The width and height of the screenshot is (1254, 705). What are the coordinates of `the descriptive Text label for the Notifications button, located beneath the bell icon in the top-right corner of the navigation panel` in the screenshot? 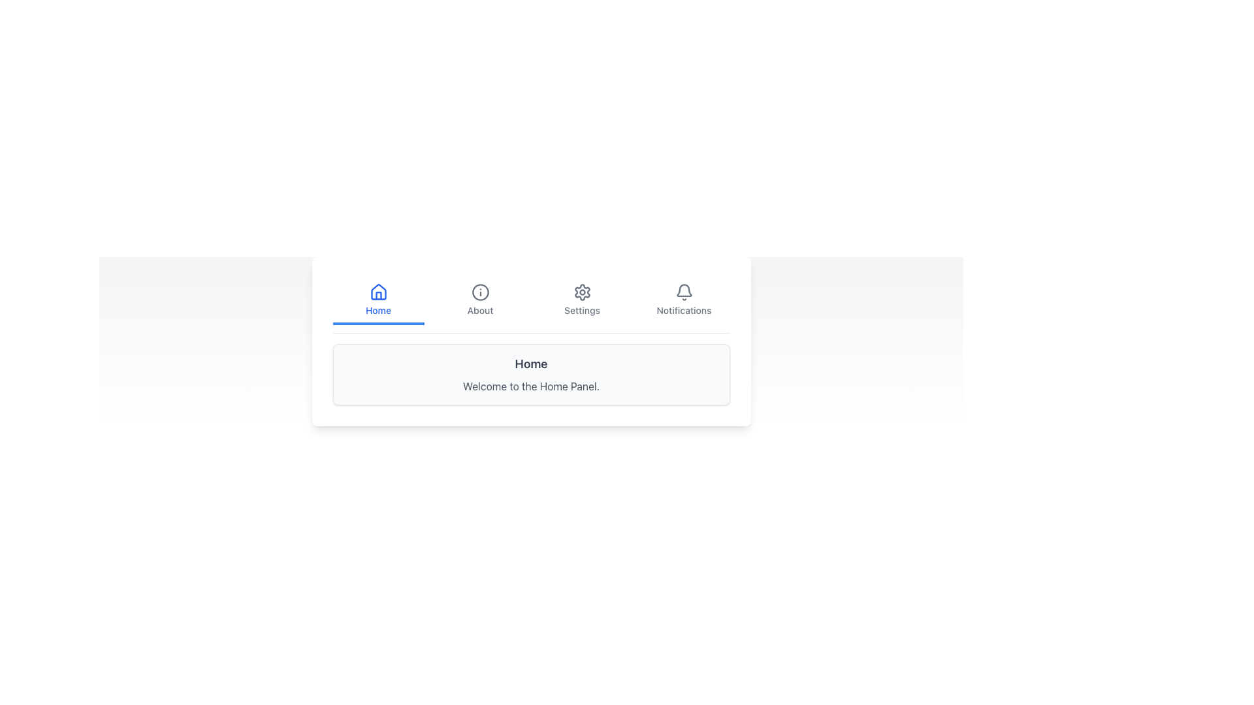 It's located at (683, 310).